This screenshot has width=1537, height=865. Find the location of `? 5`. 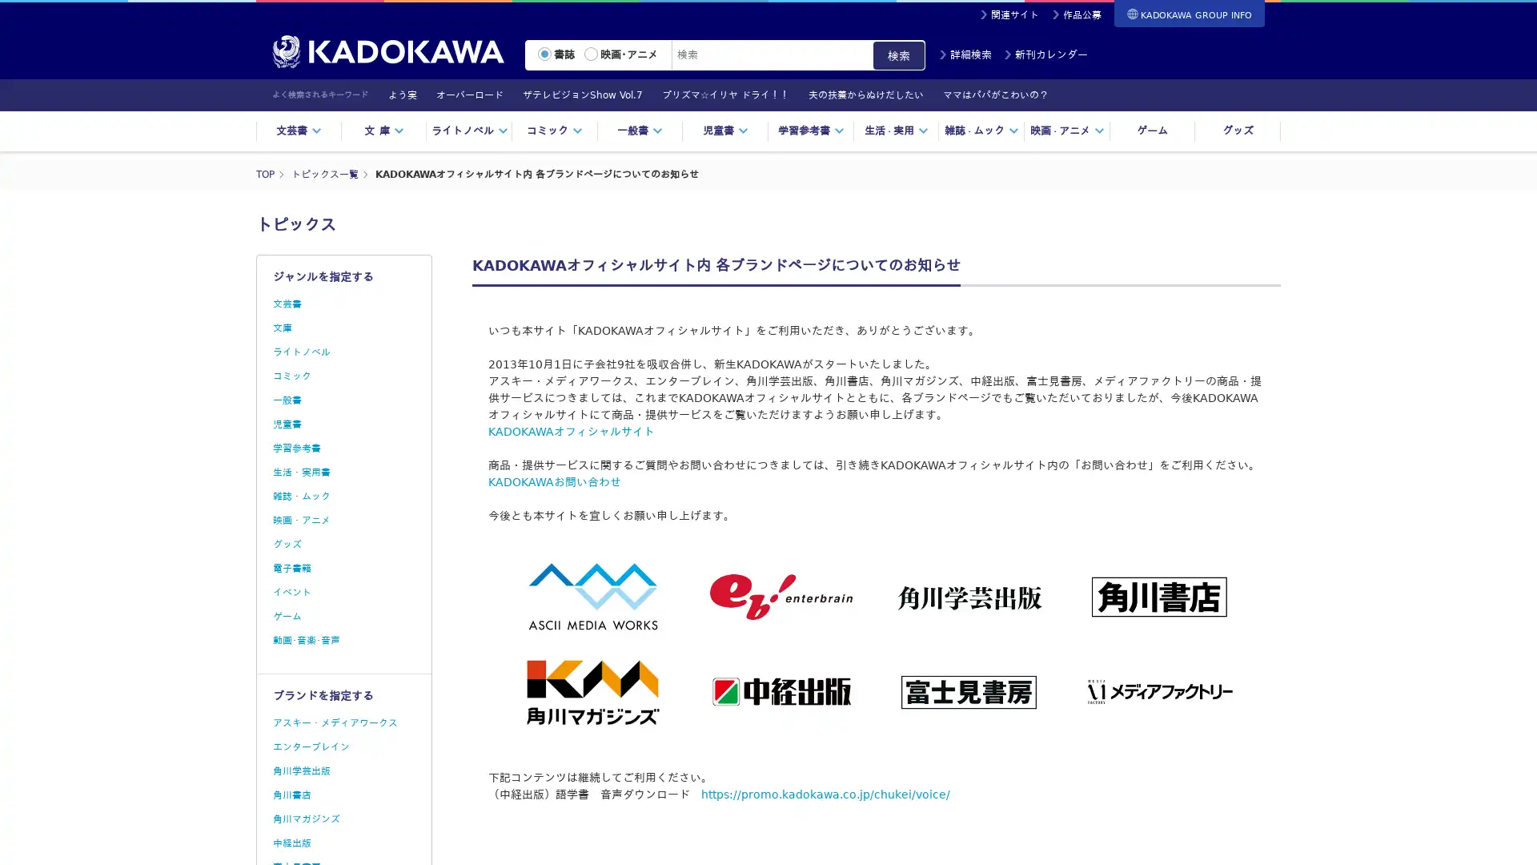

? 5 is located at coordinates (837, 120).